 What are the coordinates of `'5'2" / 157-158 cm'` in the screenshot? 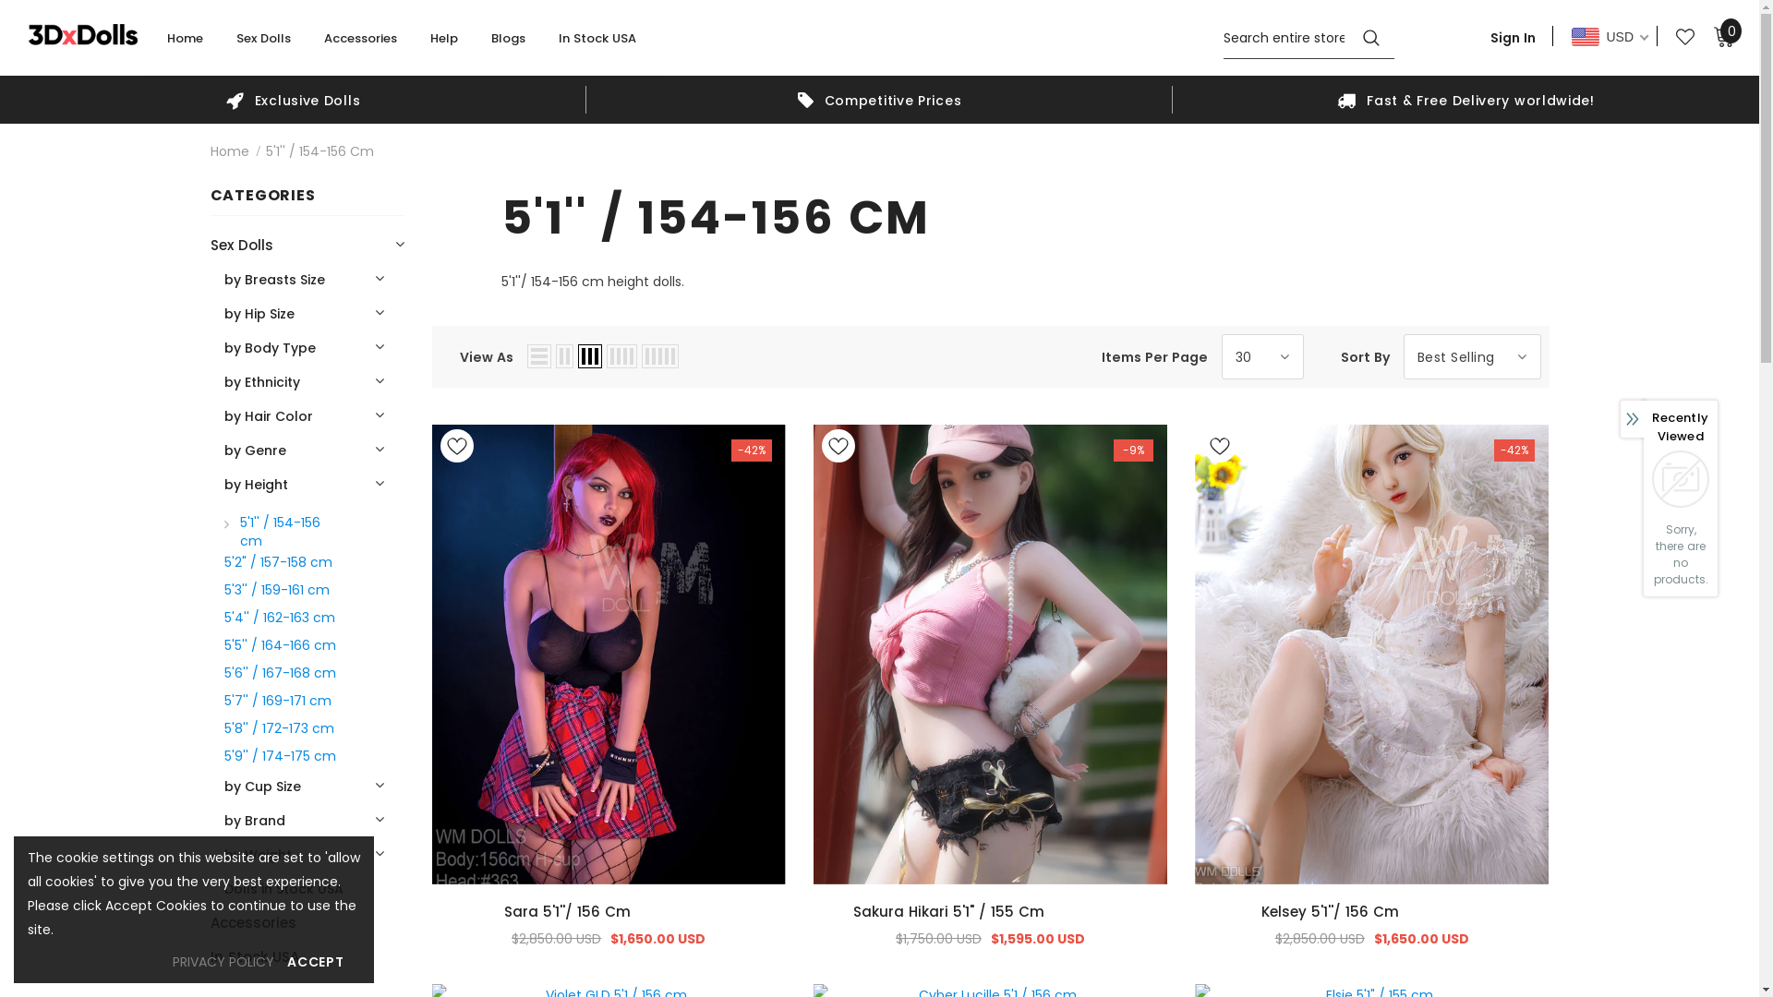 It's located at (276, 560).